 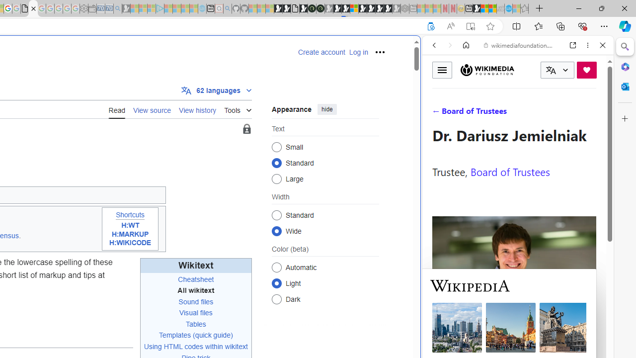 I want to click on 'Help:Wikitext - Wikipedia', so click(x=33, y=8).